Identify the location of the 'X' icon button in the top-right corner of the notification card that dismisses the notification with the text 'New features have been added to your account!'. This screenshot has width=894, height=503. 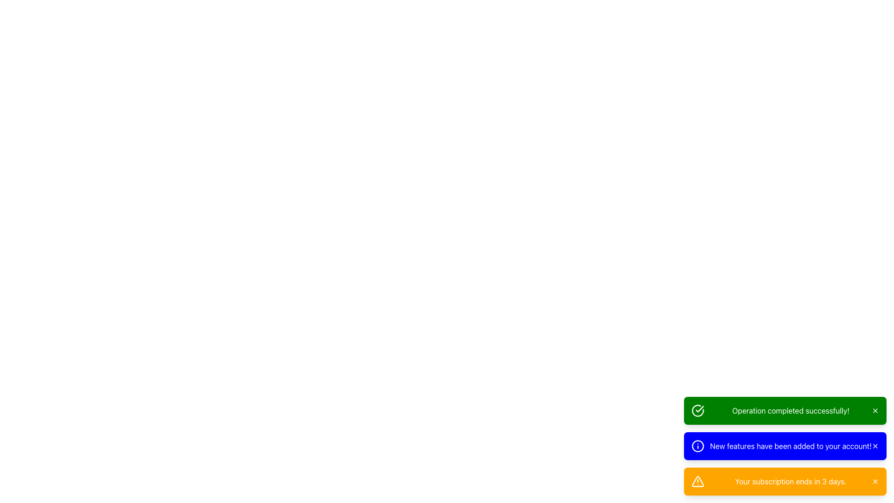
(875, 445).